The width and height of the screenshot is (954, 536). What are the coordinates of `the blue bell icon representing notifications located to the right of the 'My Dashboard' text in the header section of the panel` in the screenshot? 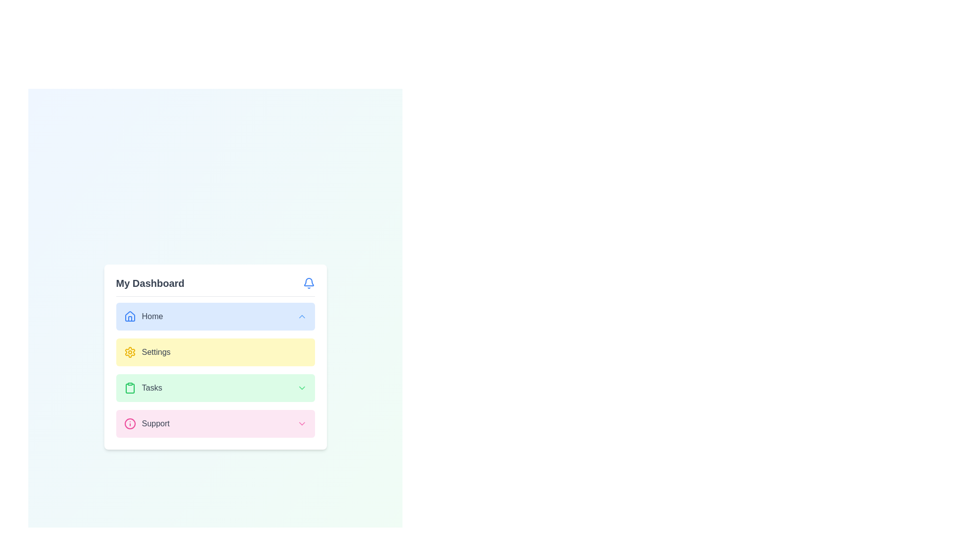 It's located at (308, 283).